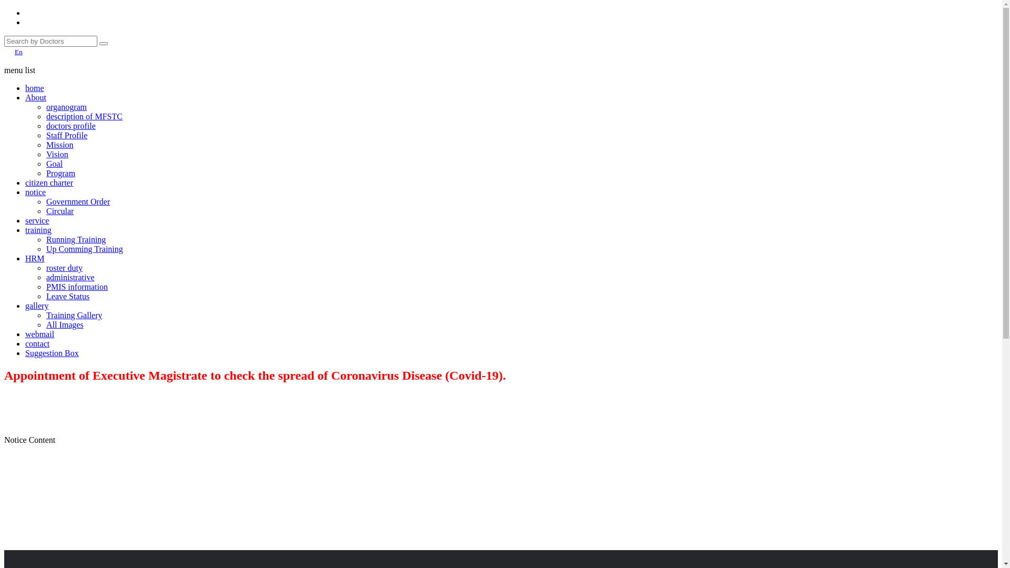 The width and height of the screenshot is (1010, 568). I want to click on 'All Images', so click(64, 324).